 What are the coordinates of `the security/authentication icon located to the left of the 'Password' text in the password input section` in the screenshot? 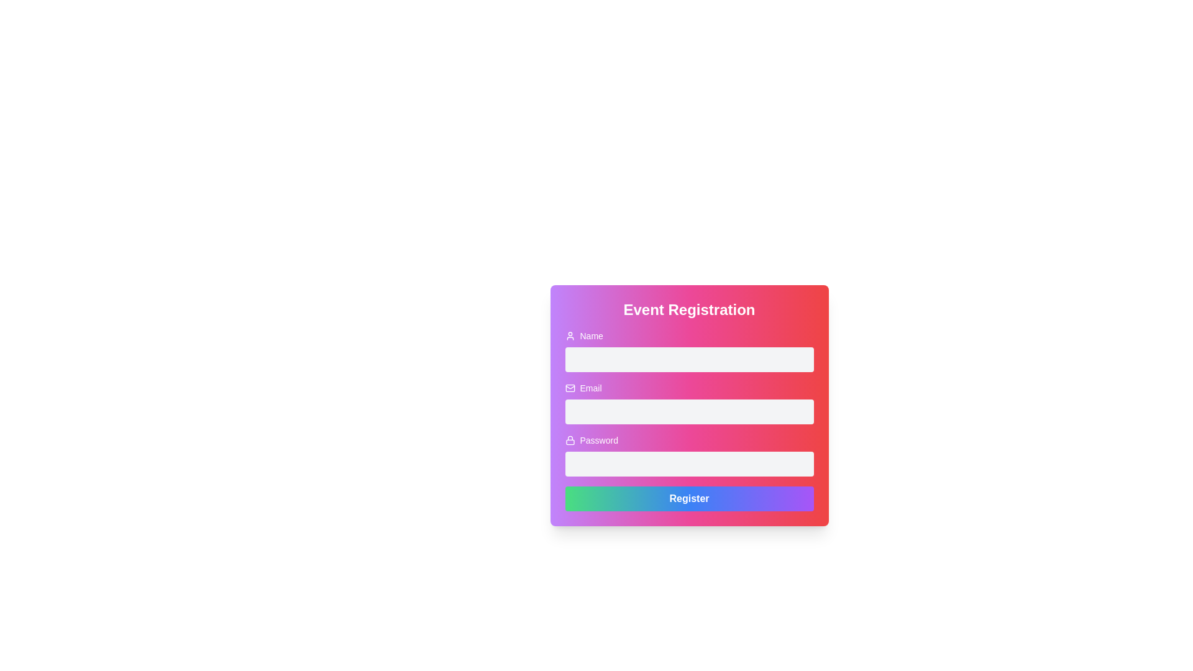 It's located at (569, 440).